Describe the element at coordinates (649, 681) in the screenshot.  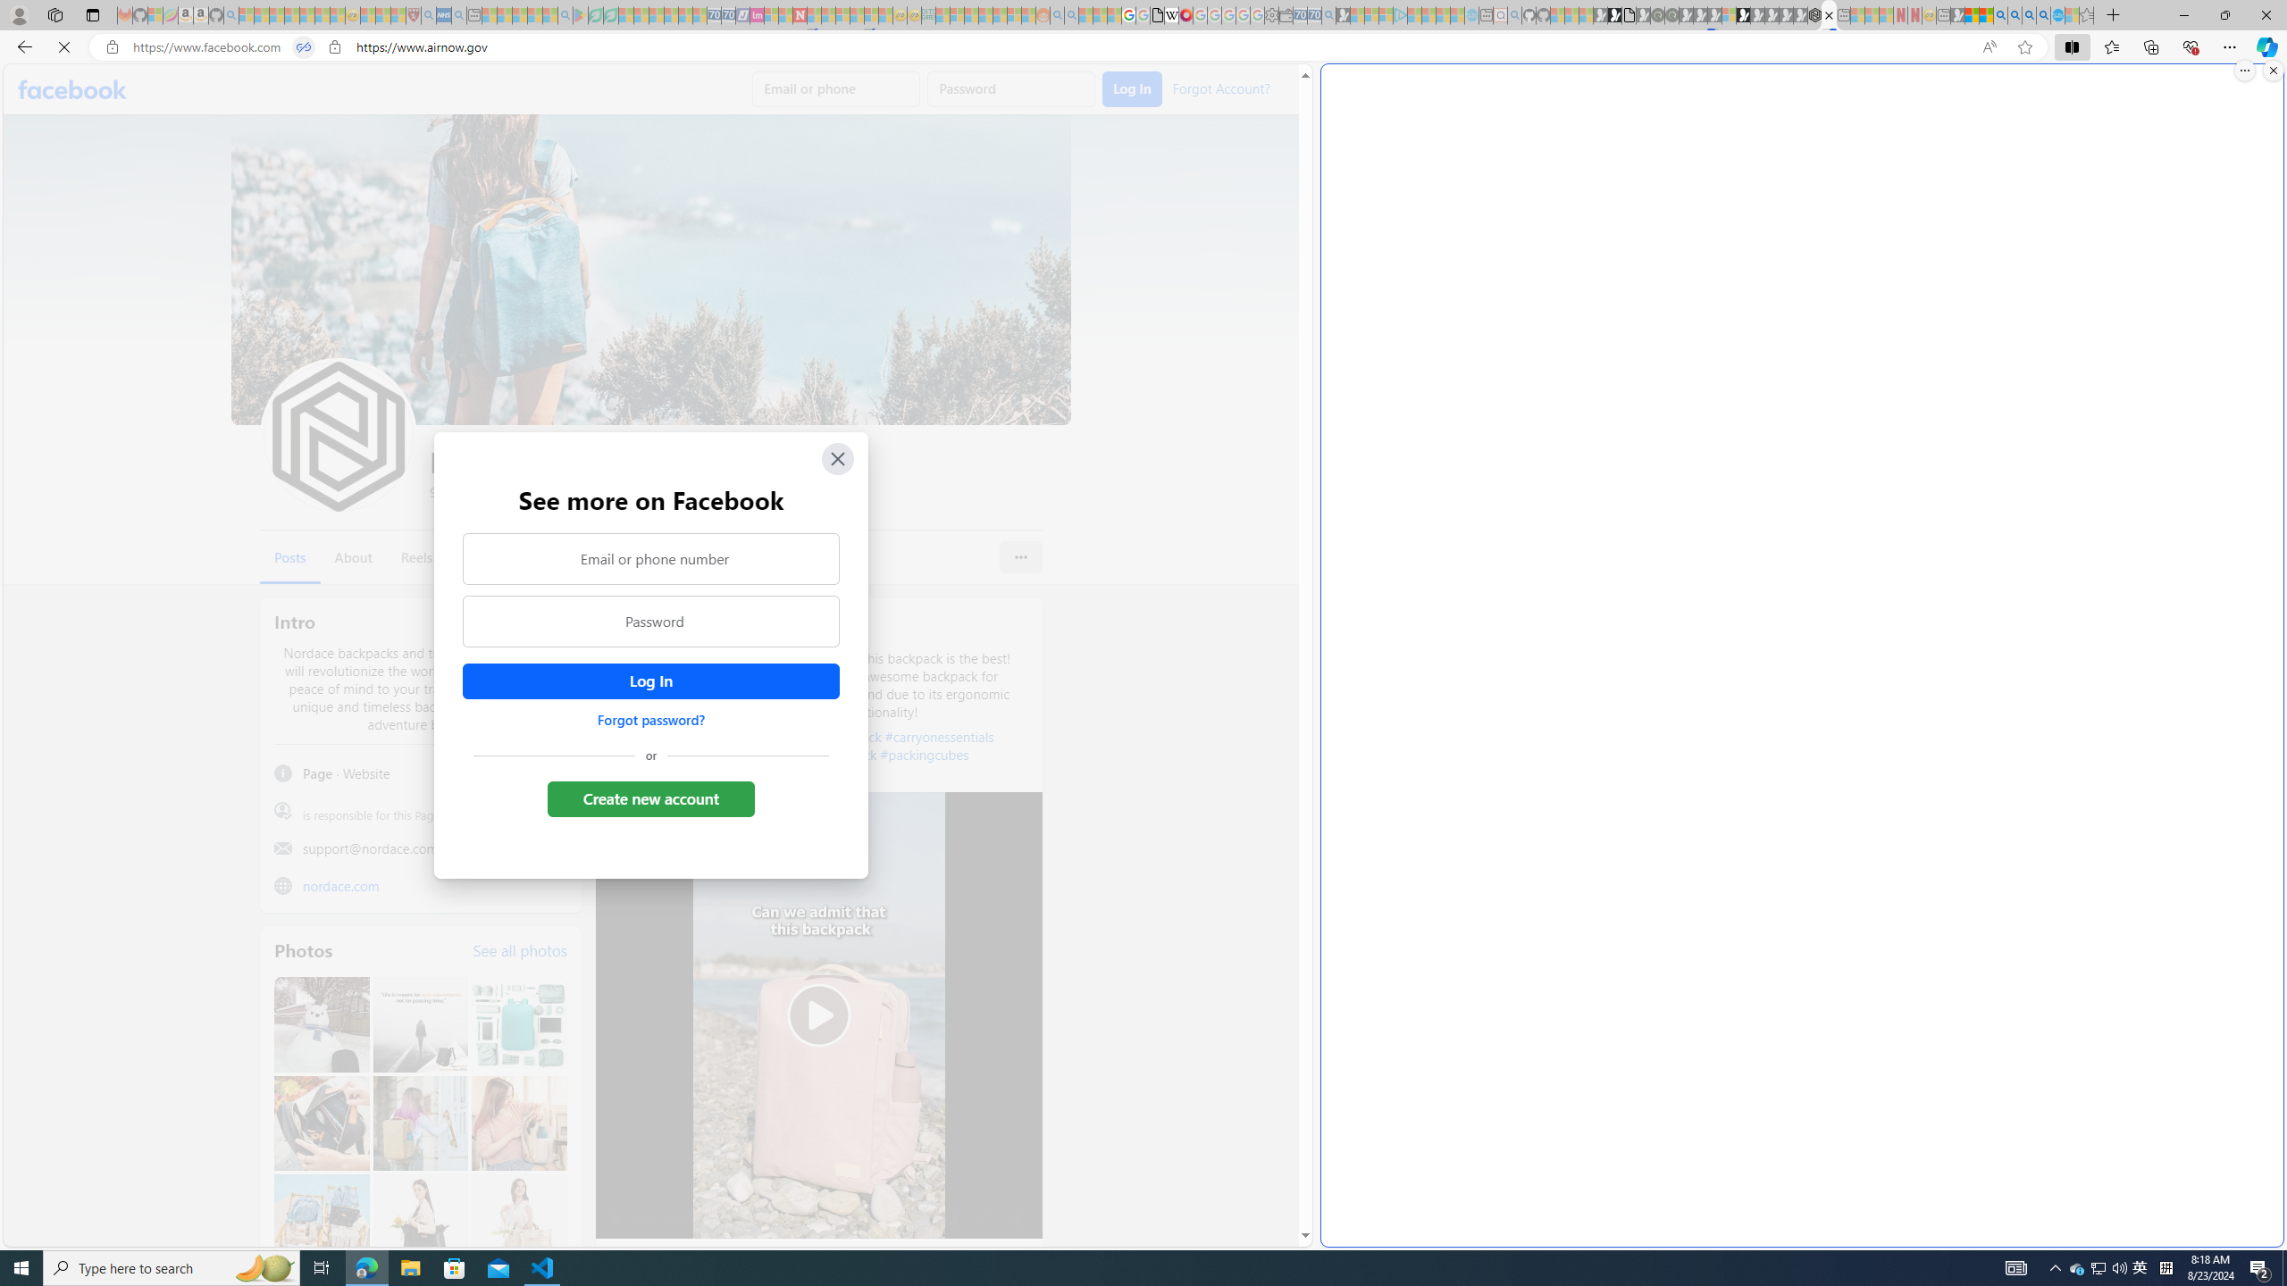
I see `'Accessible login button'` at that location.